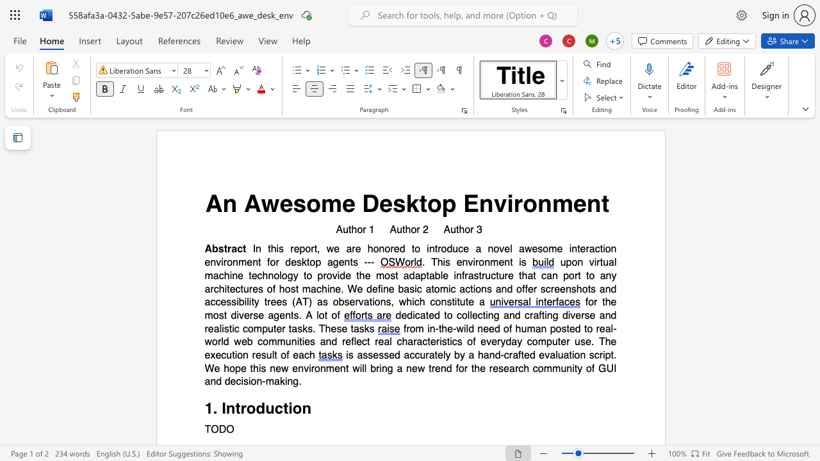 This screenshot has height=461, width=820. What do you see at coordinates (444, 262) in the screenshot?
I see `the 1th character "i" in the text` at bounding box center [444, 262].